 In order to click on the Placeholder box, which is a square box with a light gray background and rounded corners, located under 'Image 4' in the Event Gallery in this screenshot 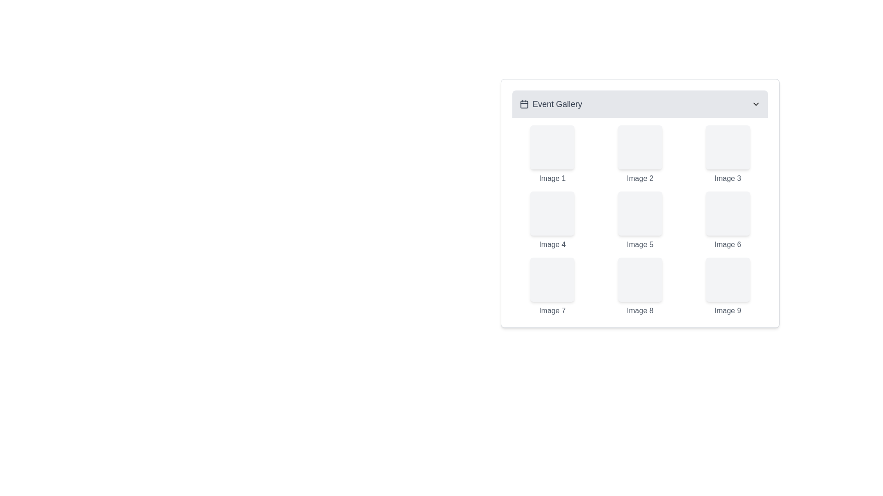, I will do `click(552, 214)`.